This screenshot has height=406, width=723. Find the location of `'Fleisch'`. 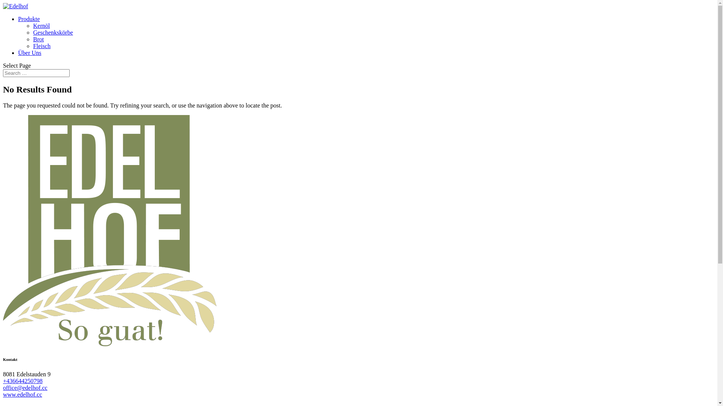

'Fleisch' is located at coordinates (41, 46).